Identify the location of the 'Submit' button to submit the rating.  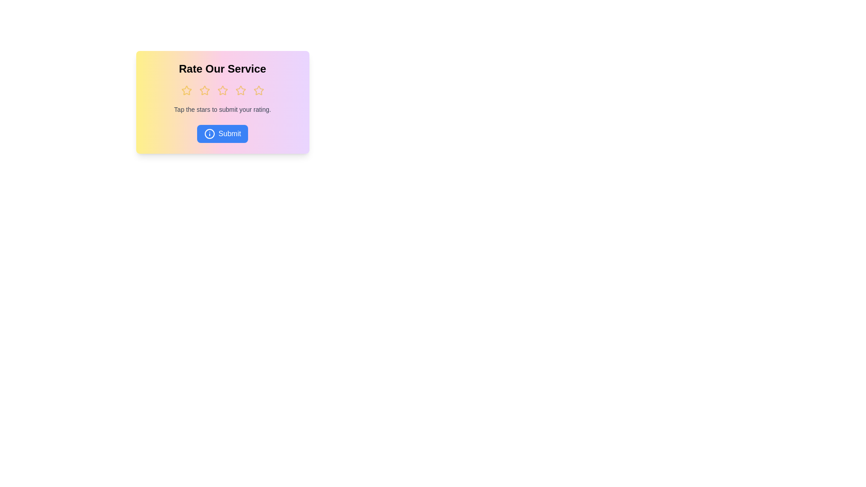
(222, 134).